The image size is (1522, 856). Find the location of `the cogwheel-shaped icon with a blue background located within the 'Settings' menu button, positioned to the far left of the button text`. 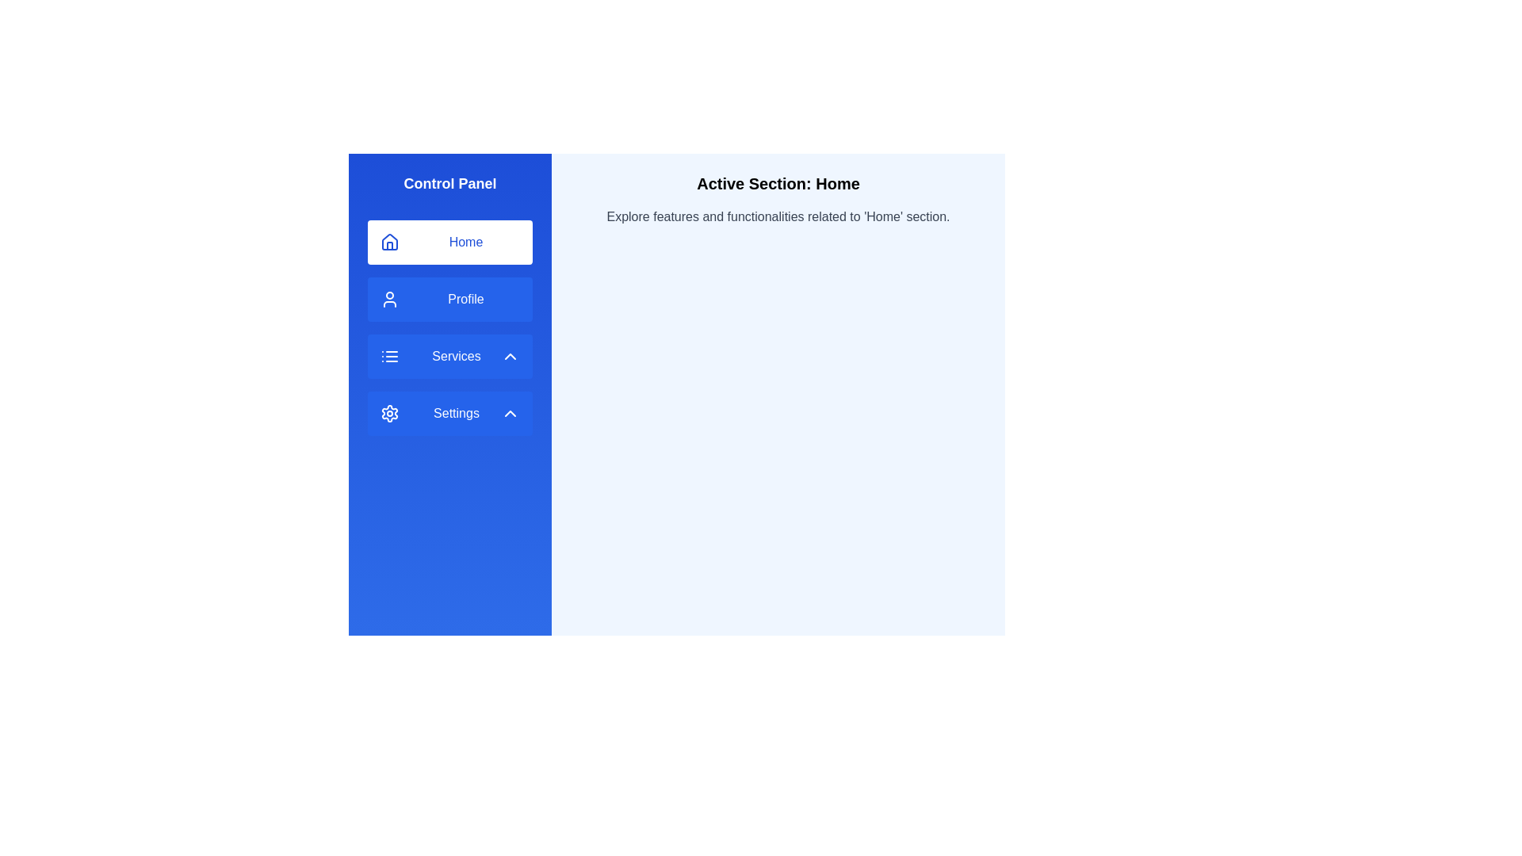

the cogwheel-shaped icon with a blue background located within the 'Settings' menu button, positioned to the far left of the button text is located at coordinates (389, 412).